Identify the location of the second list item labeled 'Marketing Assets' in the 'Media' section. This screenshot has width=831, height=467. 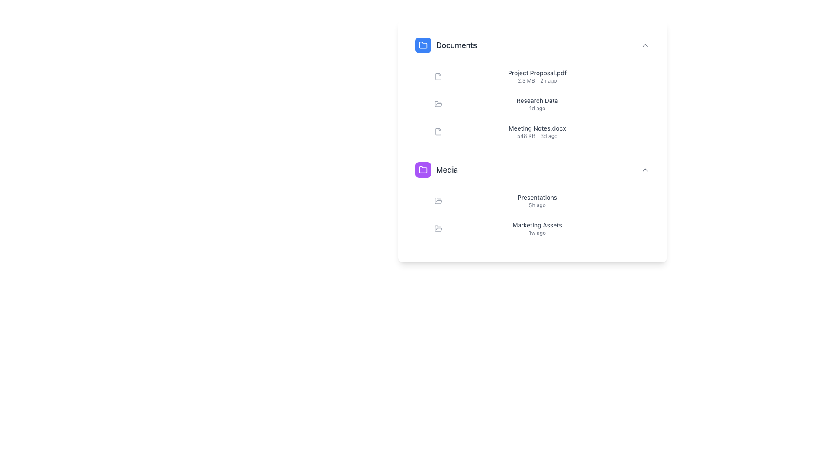
(542, 228).